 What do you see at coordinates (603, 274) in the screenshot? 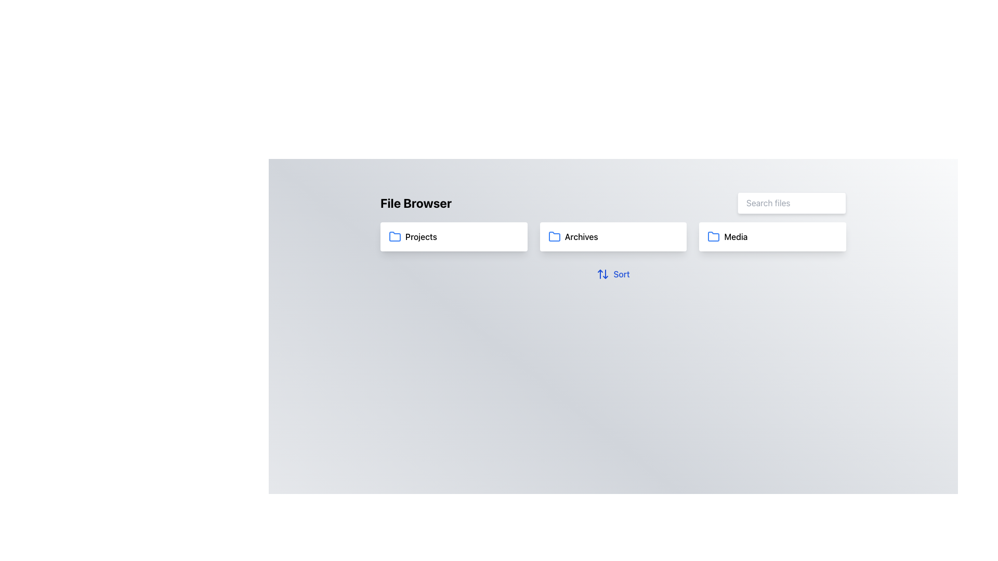
I see `the sorting icon located in the 'Sort' section, which is aligned to the left of the 'Sort' text in the lower part of the user interface` at bounding box center [603, 274].